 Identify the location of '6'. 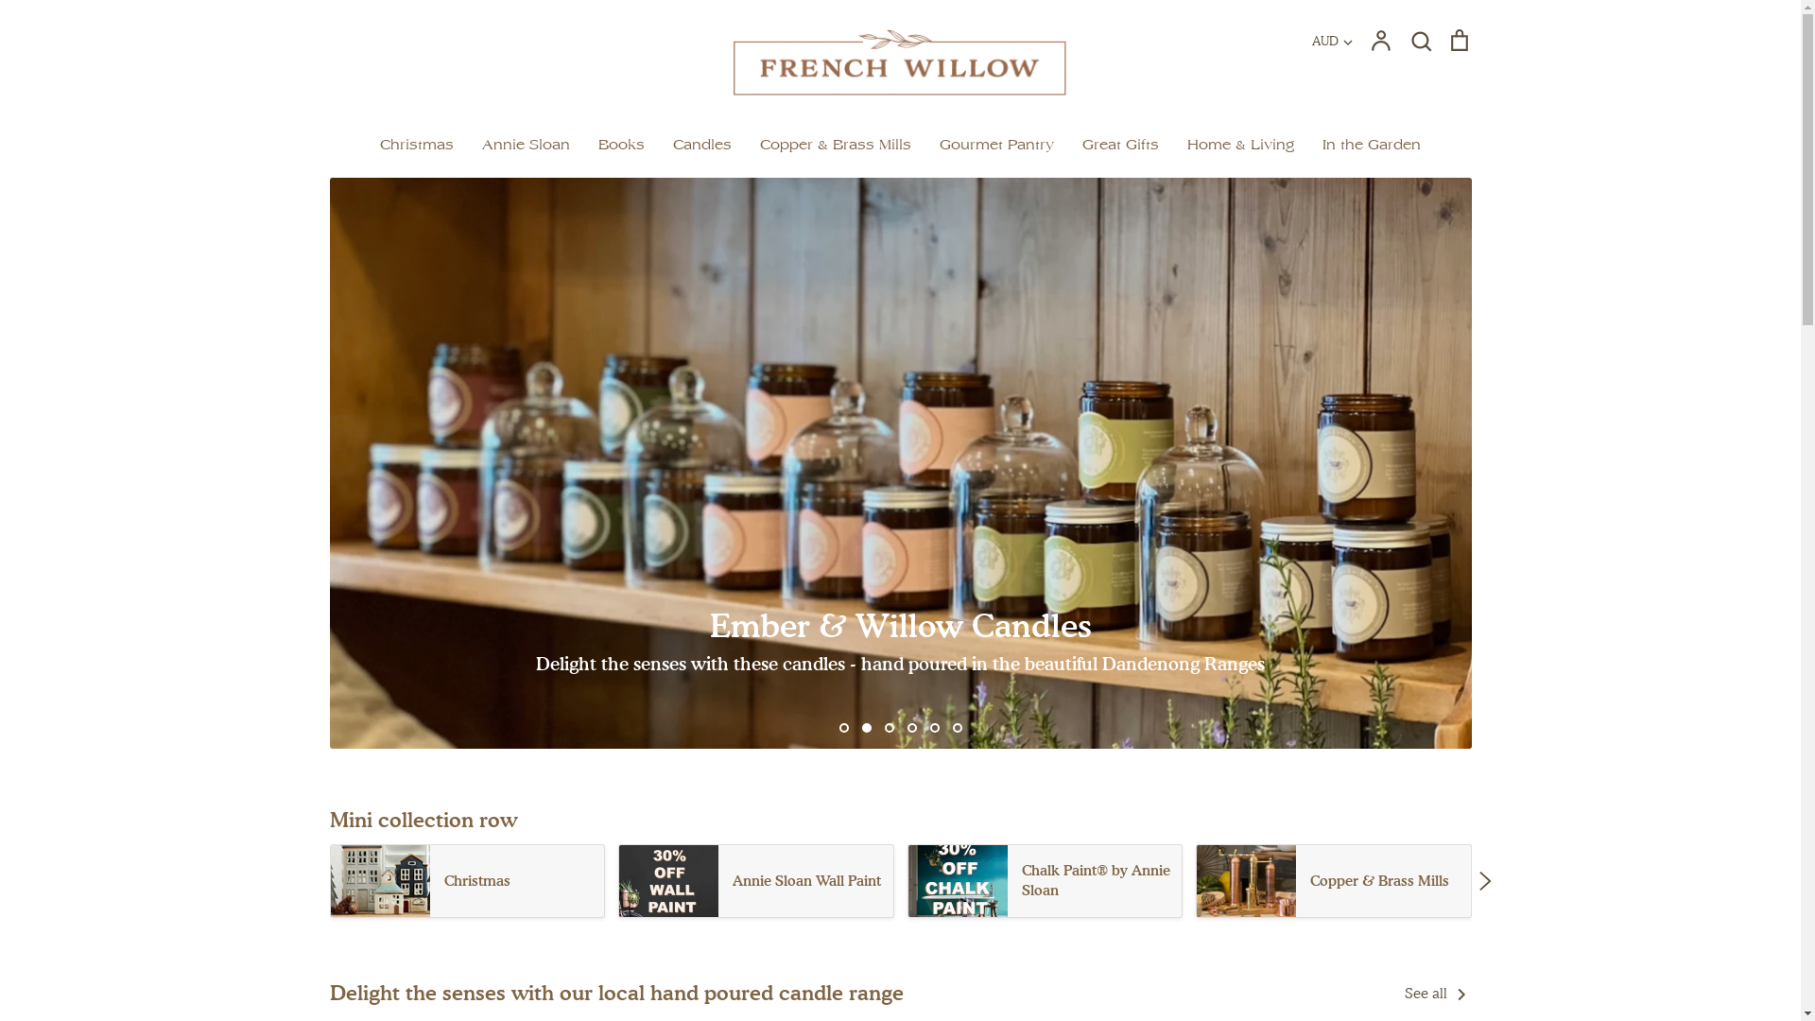
(957, 727).